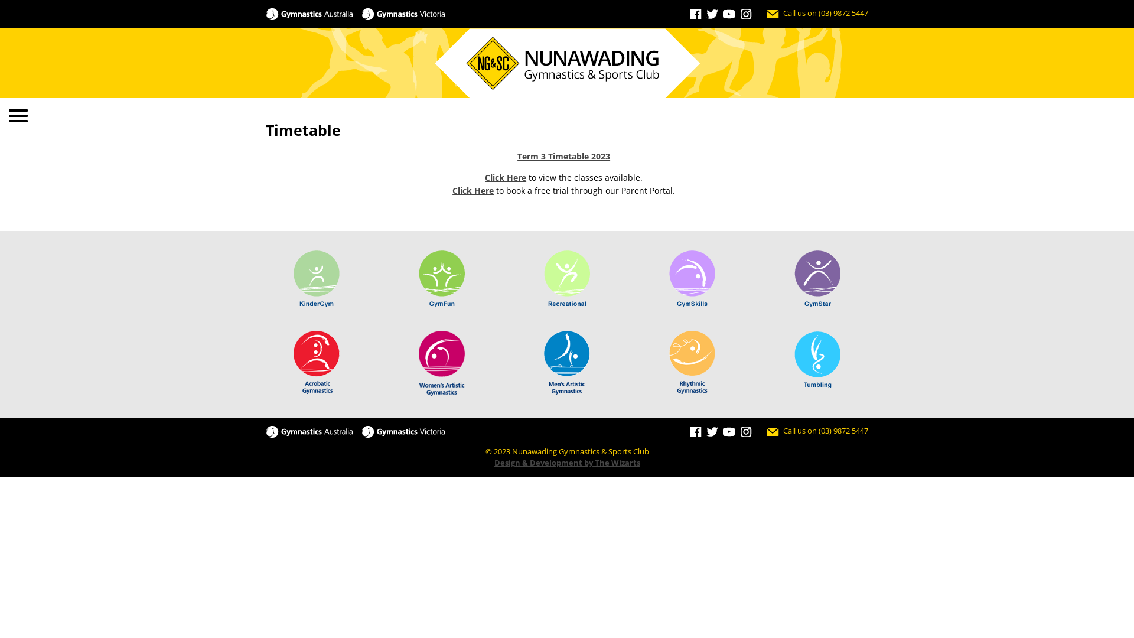  What do you see at coordinates (505, 177) in the screenshot?
I see `'Click Here'` at bounding box center [505, 177].